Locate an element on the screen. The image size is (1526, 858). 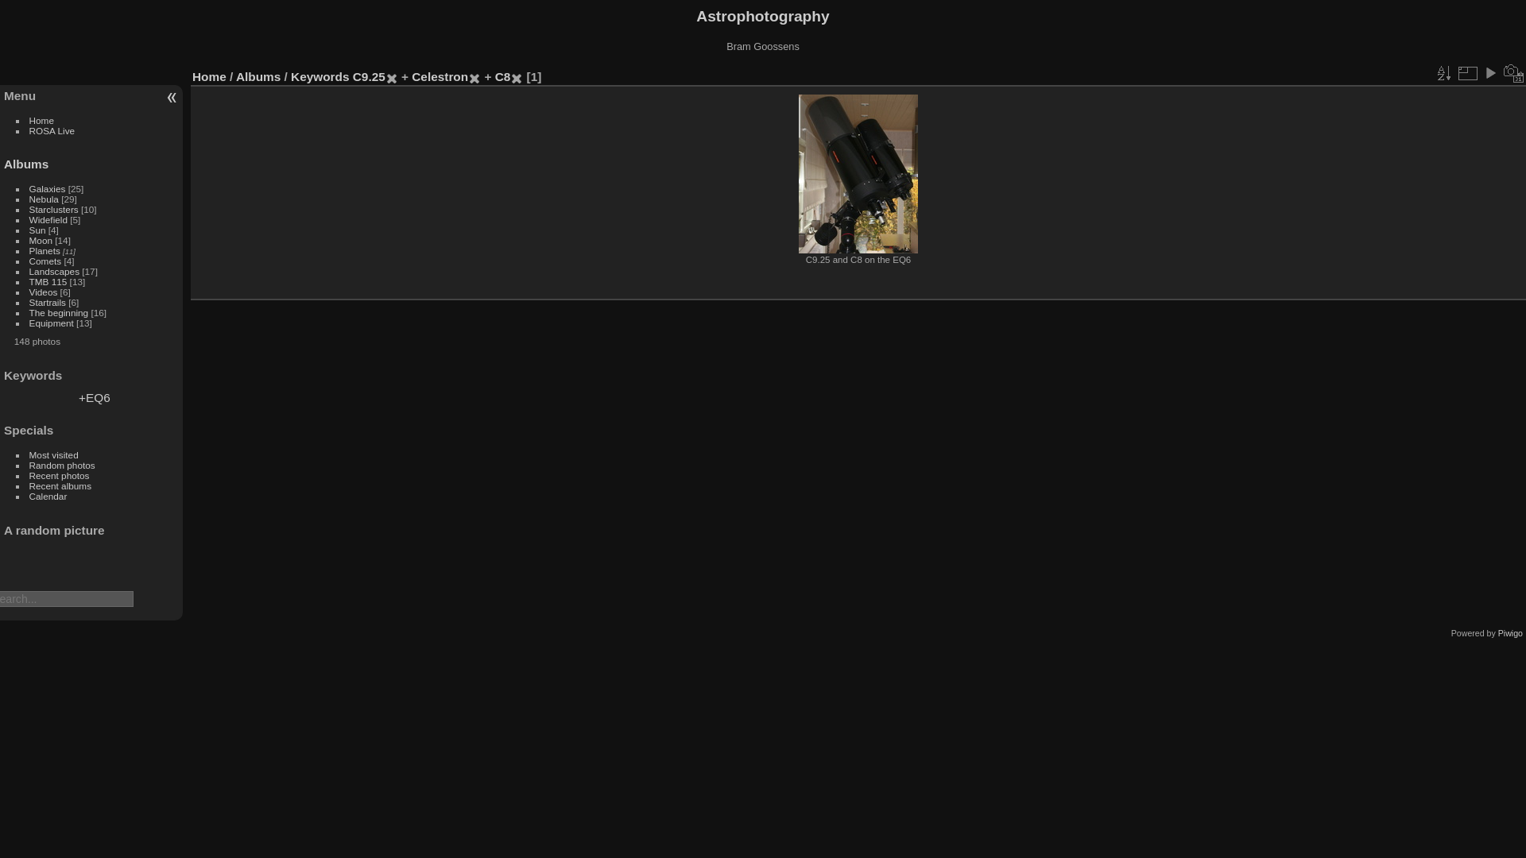
'TMB 115' is located at coordinates (48, 280).